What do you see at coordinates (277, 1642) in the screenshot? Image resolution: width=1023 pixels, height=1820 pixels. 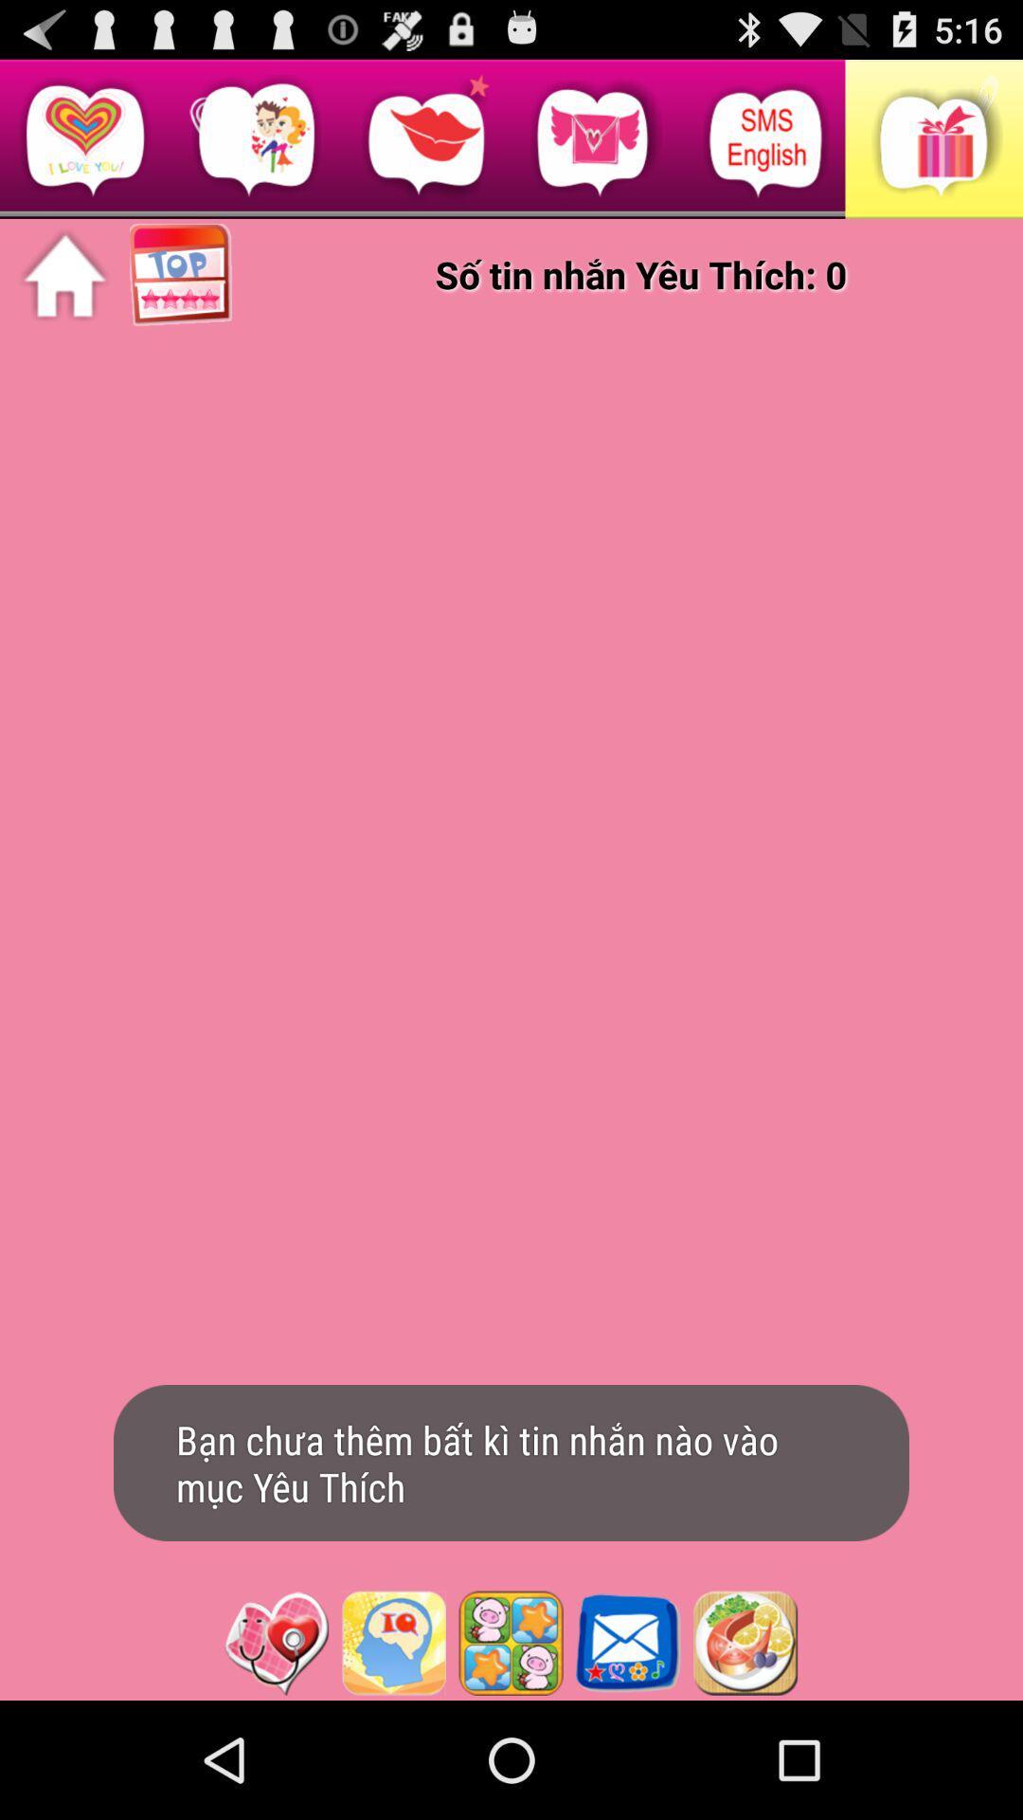 I see `this page` at bounding box center [277, 1642].